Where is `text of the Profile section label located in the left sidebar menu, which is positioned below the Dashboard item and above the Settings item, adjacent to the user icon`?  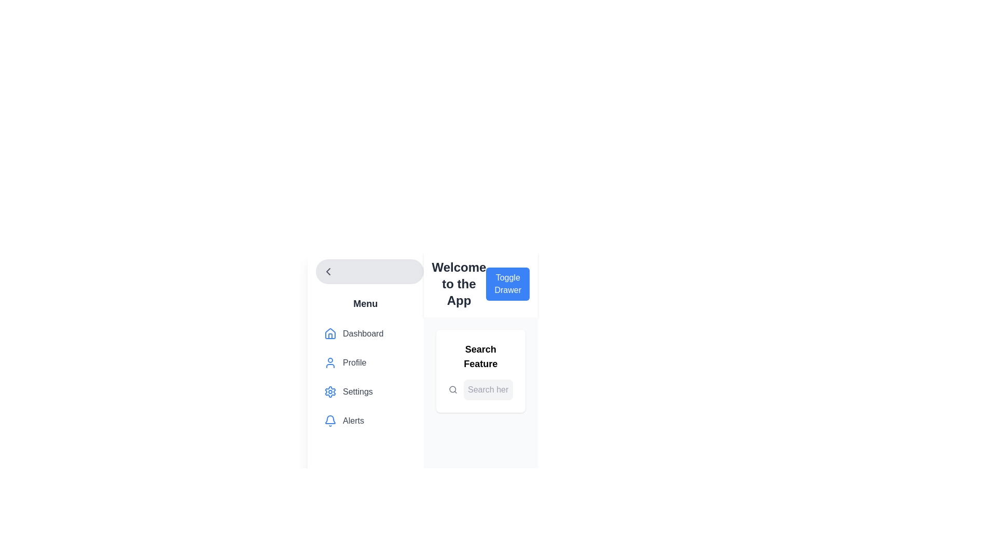
text of the Profile section label located in the left sidebar menu, which is positioned below the Dashboard item and above the Settings item, adjacent to the user icon is located at coordinates (354, 362).